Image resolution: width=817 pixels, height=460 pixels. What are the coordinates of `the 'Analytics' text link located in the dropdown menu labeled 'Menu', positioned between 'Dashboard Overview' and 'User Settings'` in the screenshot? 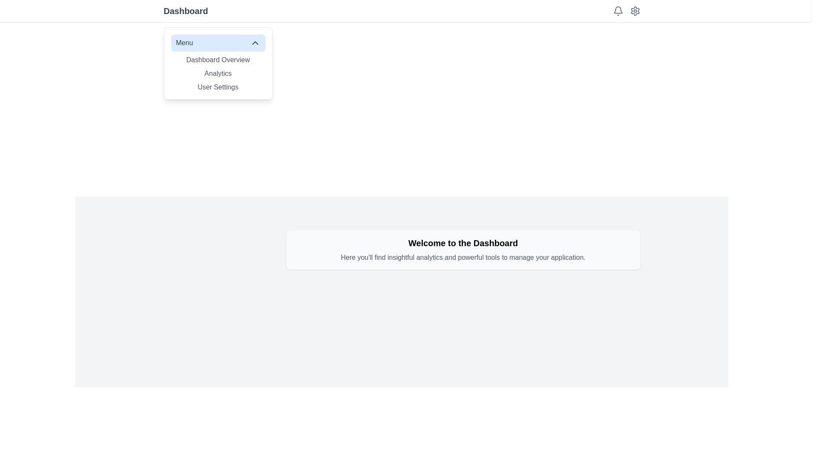 It's located at (218, 73).